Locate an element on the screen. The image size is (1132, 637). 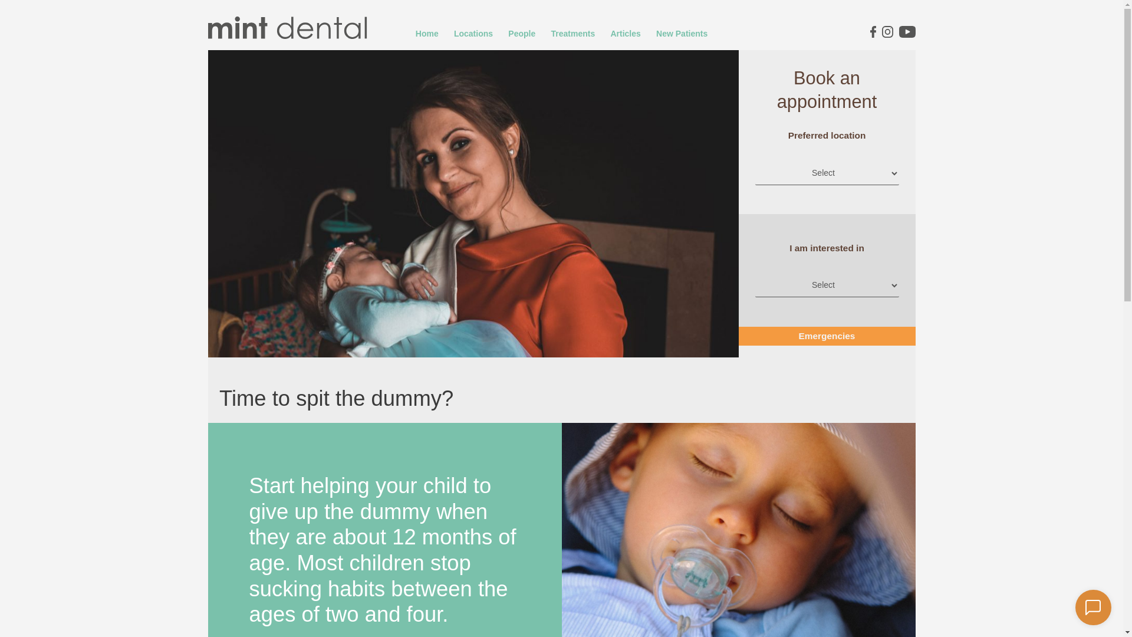
'Locations' is located at coordinates (473, 33).